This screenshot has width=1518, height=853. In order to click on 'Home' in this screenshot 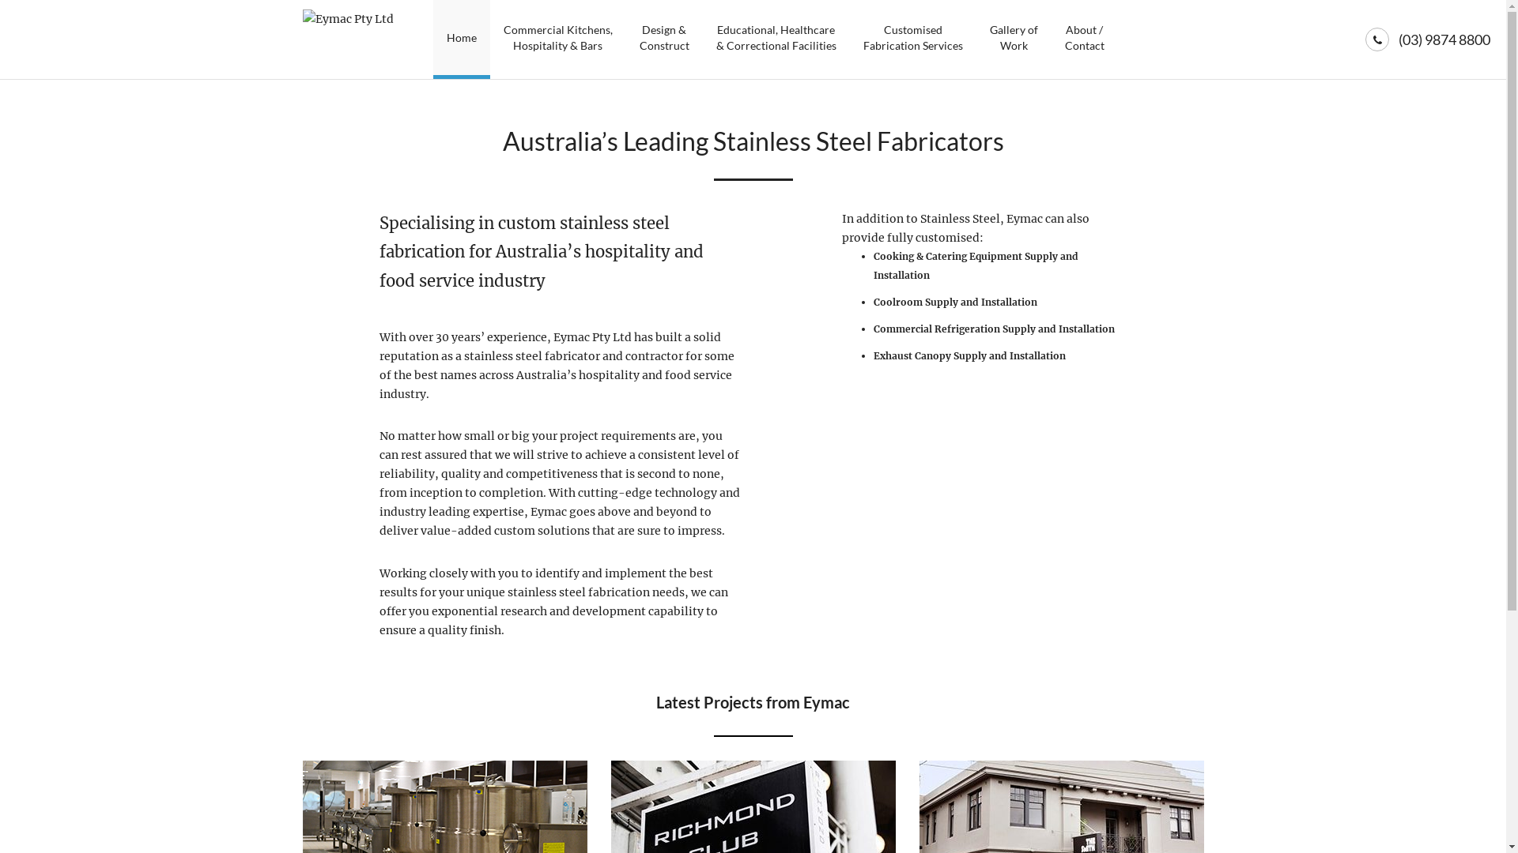, I will do `click(461, 39)`.